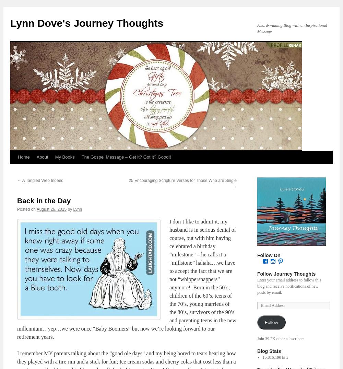  I want to click on '15,816,190 hits', so click(275, 357).